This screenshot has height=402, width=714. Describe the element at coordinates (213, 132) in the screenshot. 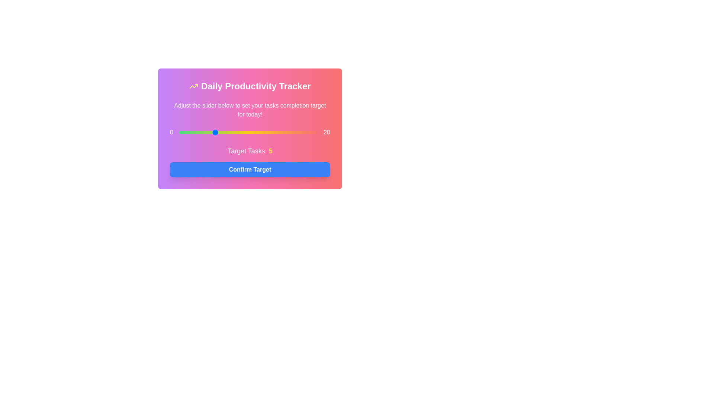

I see `the slider to set the task target to 5` at that location.